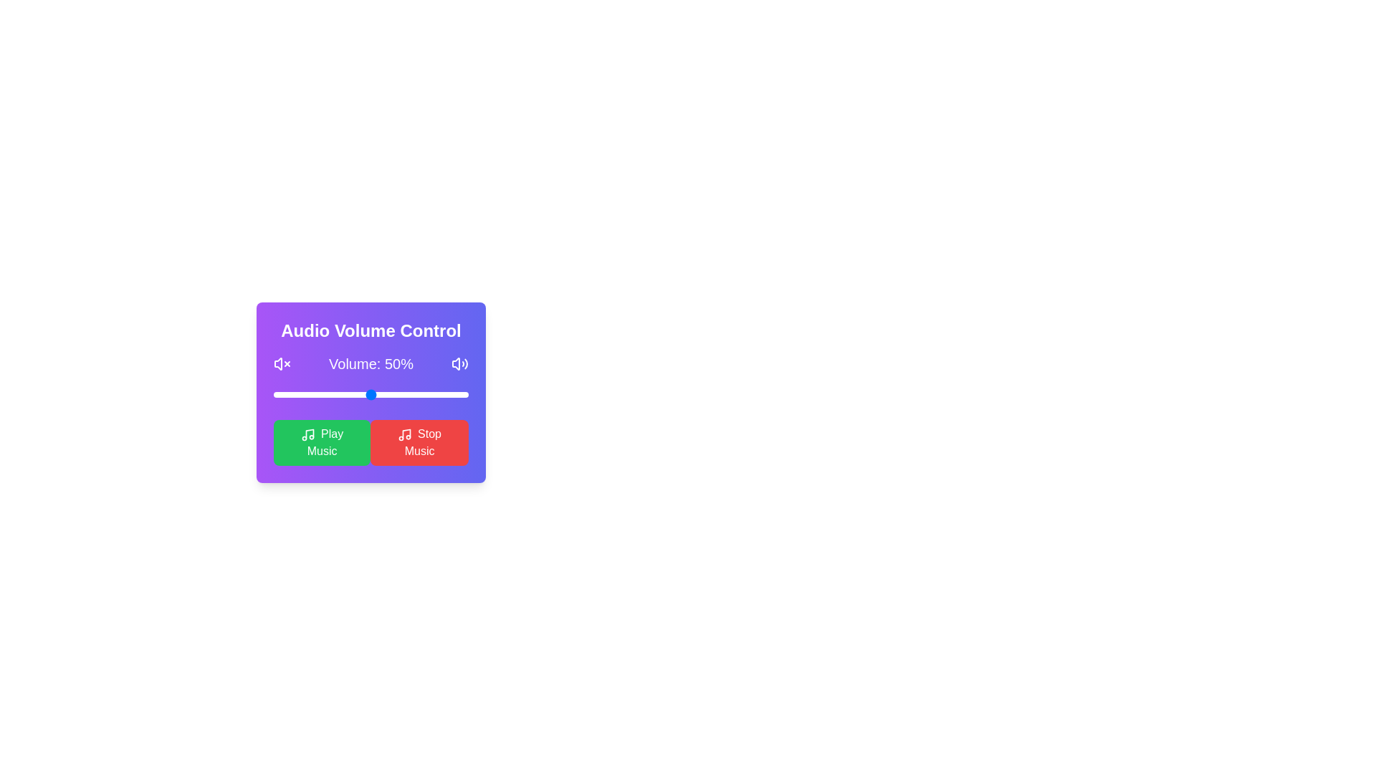 The height and width of the screenshot is (774, 1376). What do you see at coordinates (371, 363) in the screenshot?
I see `text from the Text Label displaying 'Volume: 50%', which is positioned between two volume icons in the volume control section` at bounding box center [371, 363].